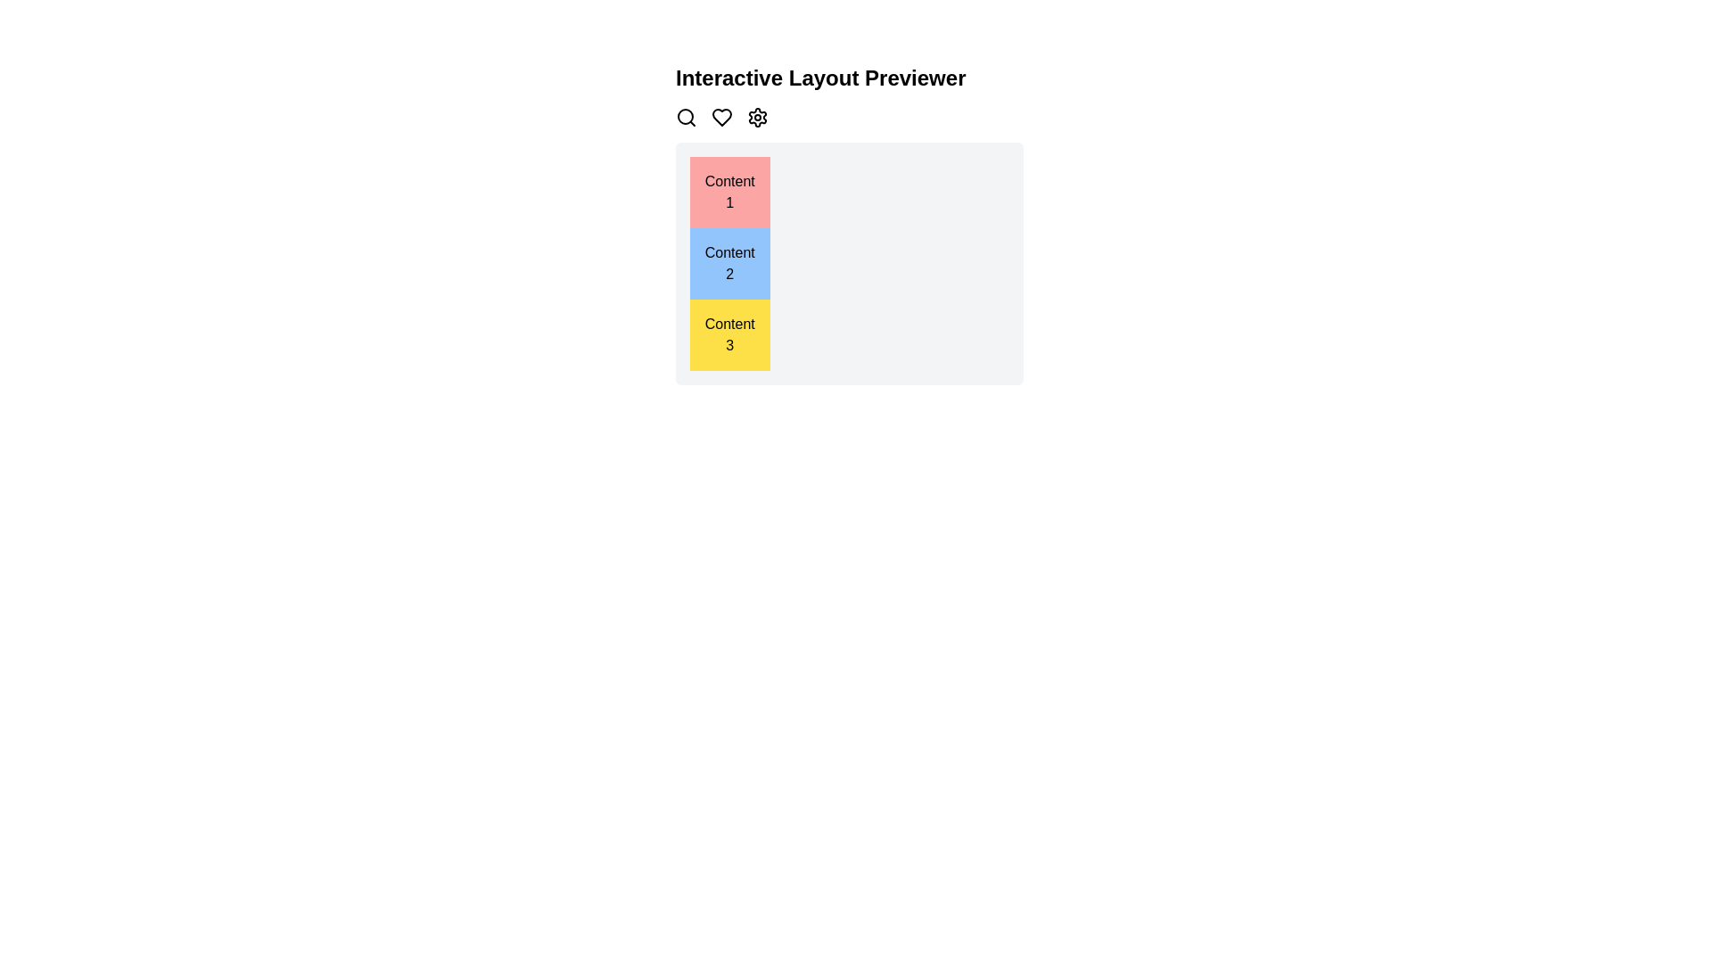 The height and width of the screenshot is (963, 1712). Describe the element at coordinates (757, 117) in the screenshot. I see `the gear icon in the horizontal toolbar, which is the fourth icon from the left` at that location.